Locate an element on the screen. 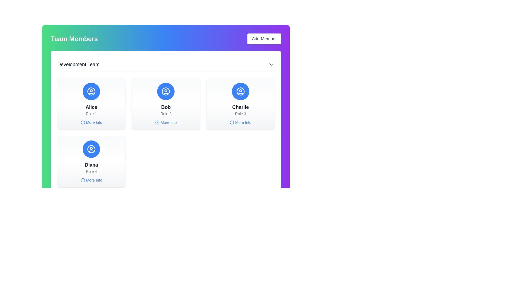 The width and height of the screenshot is (522, 294). the blue text link labeled 'More Info' with a small circular 'info' icon to its left, located at the bottom of the 'Diana' user card in the team member grid is located at coordinates (91, 180).